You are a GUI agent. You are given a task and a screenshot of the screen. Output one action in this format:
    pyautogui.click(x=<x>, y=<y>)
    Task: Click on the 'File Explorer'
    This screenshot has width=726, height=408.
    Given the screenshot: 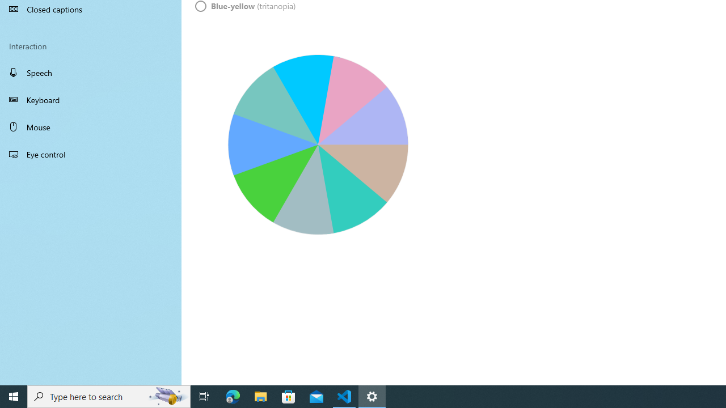 What is the action you would take?
    pyautogui.click(x=260, y=396)
    